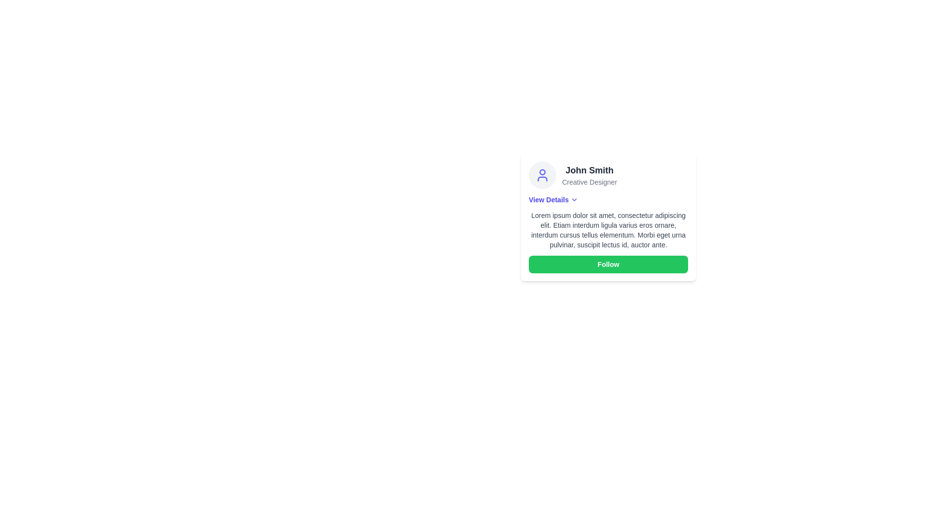 The height and width of the screenshot is (529, 941). I want to click on the text element displaying 'Creative Designer', which is styled in smaller size and gray color, positioned below 'John Smith', so click(589, 182).